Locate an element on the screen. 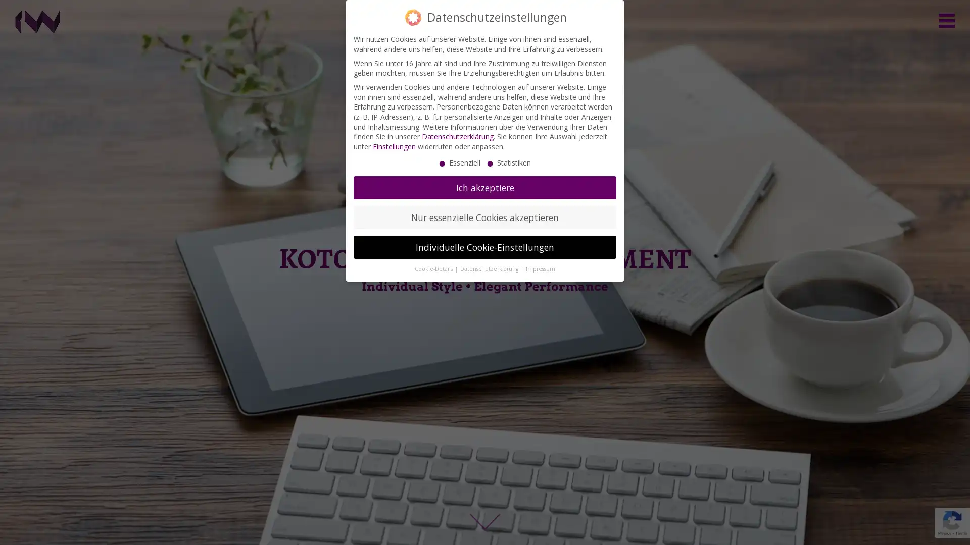 This screenshot has height=545, width=970. Cookie-Informationen anzeigen is located at coordinates (485, 526).